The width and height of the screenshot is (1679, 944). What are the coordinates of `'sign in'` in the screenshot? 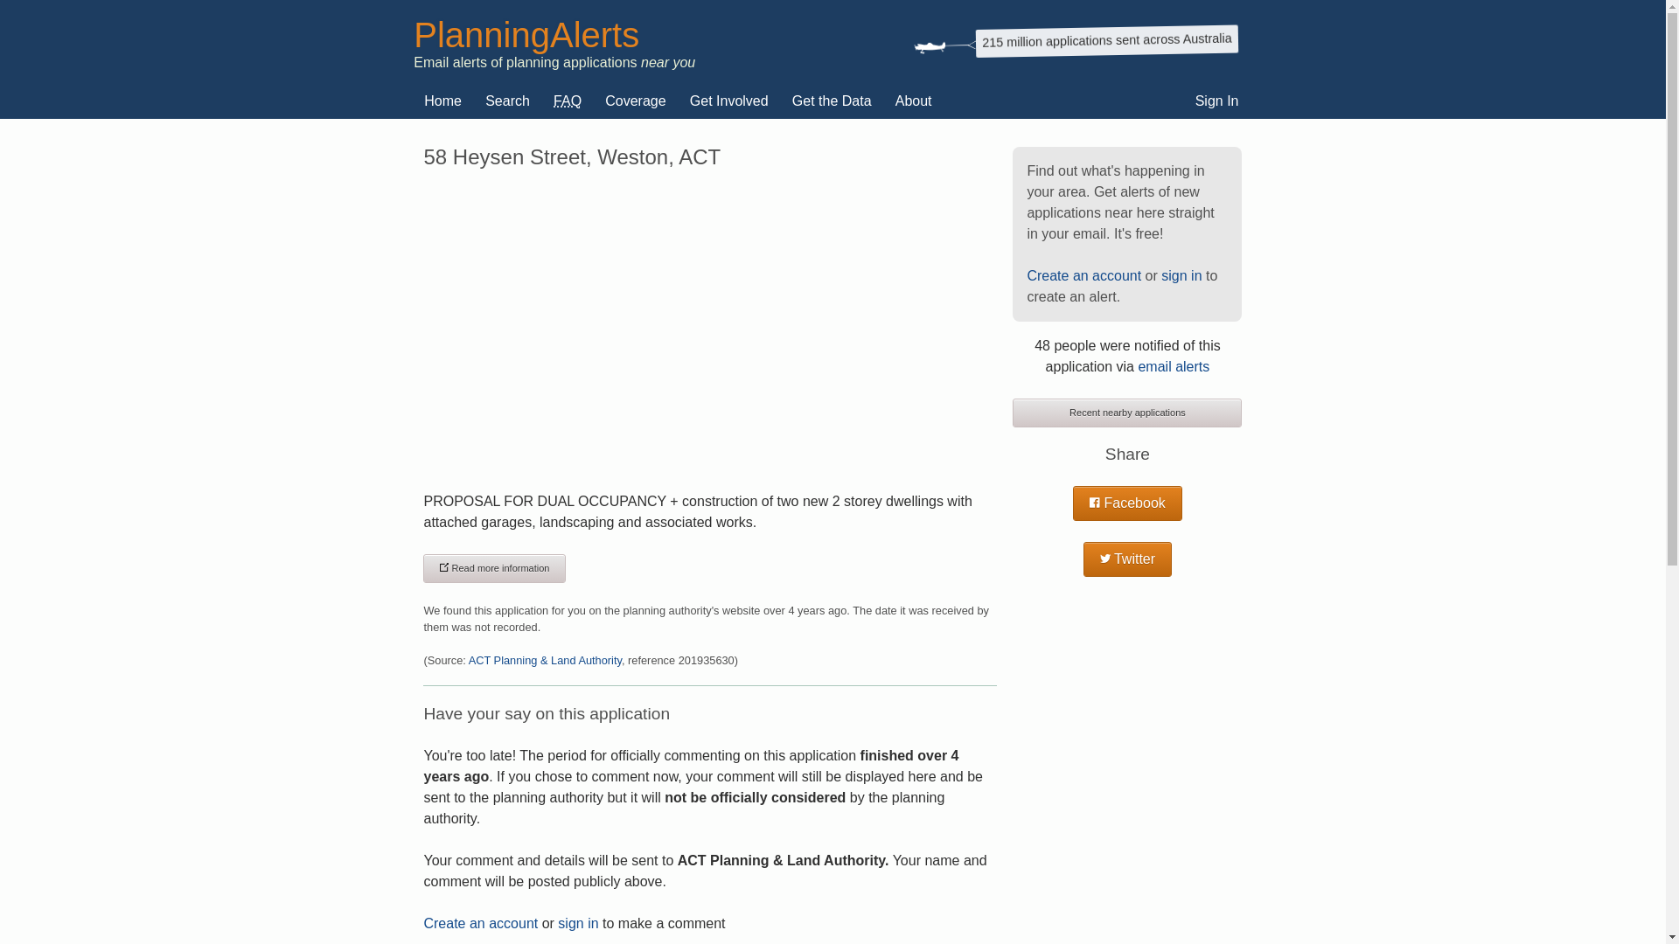 It's located at (1181, 275).